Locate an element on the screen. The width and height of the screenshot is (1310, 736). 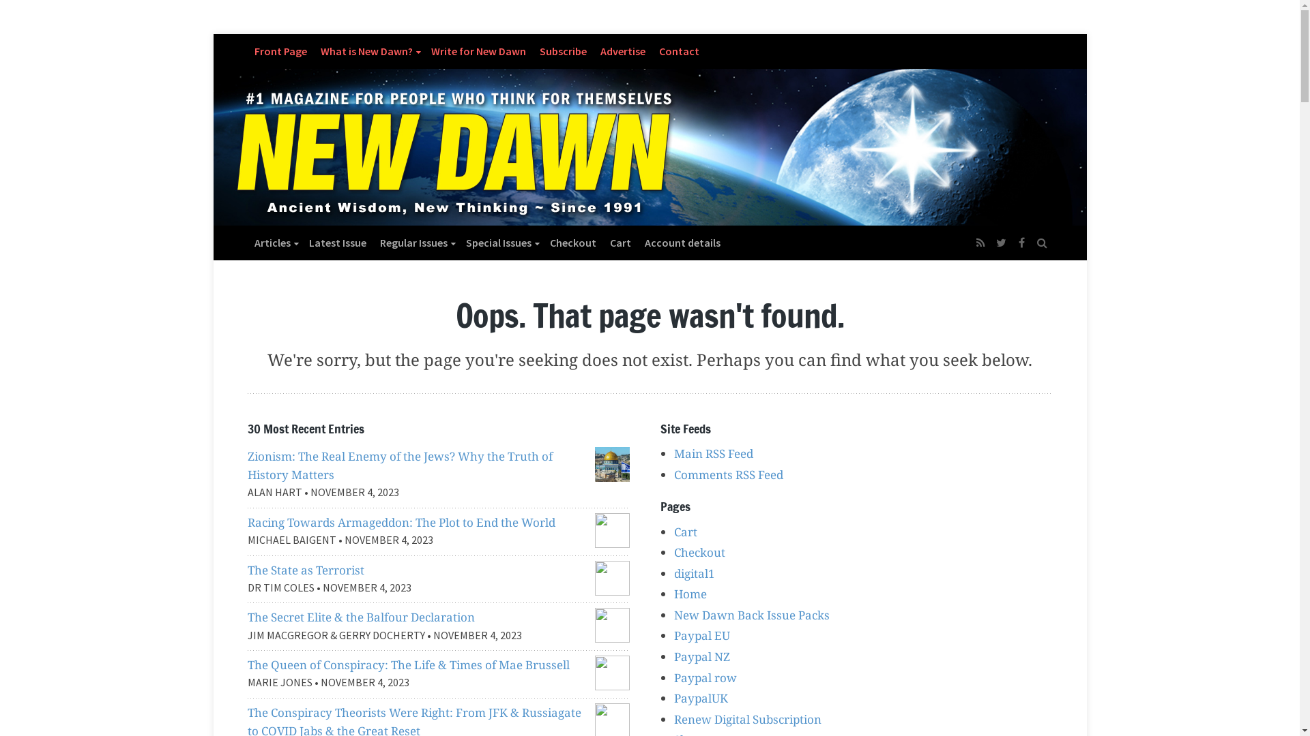
'Facebook' is located at coordinates (1021, 241).